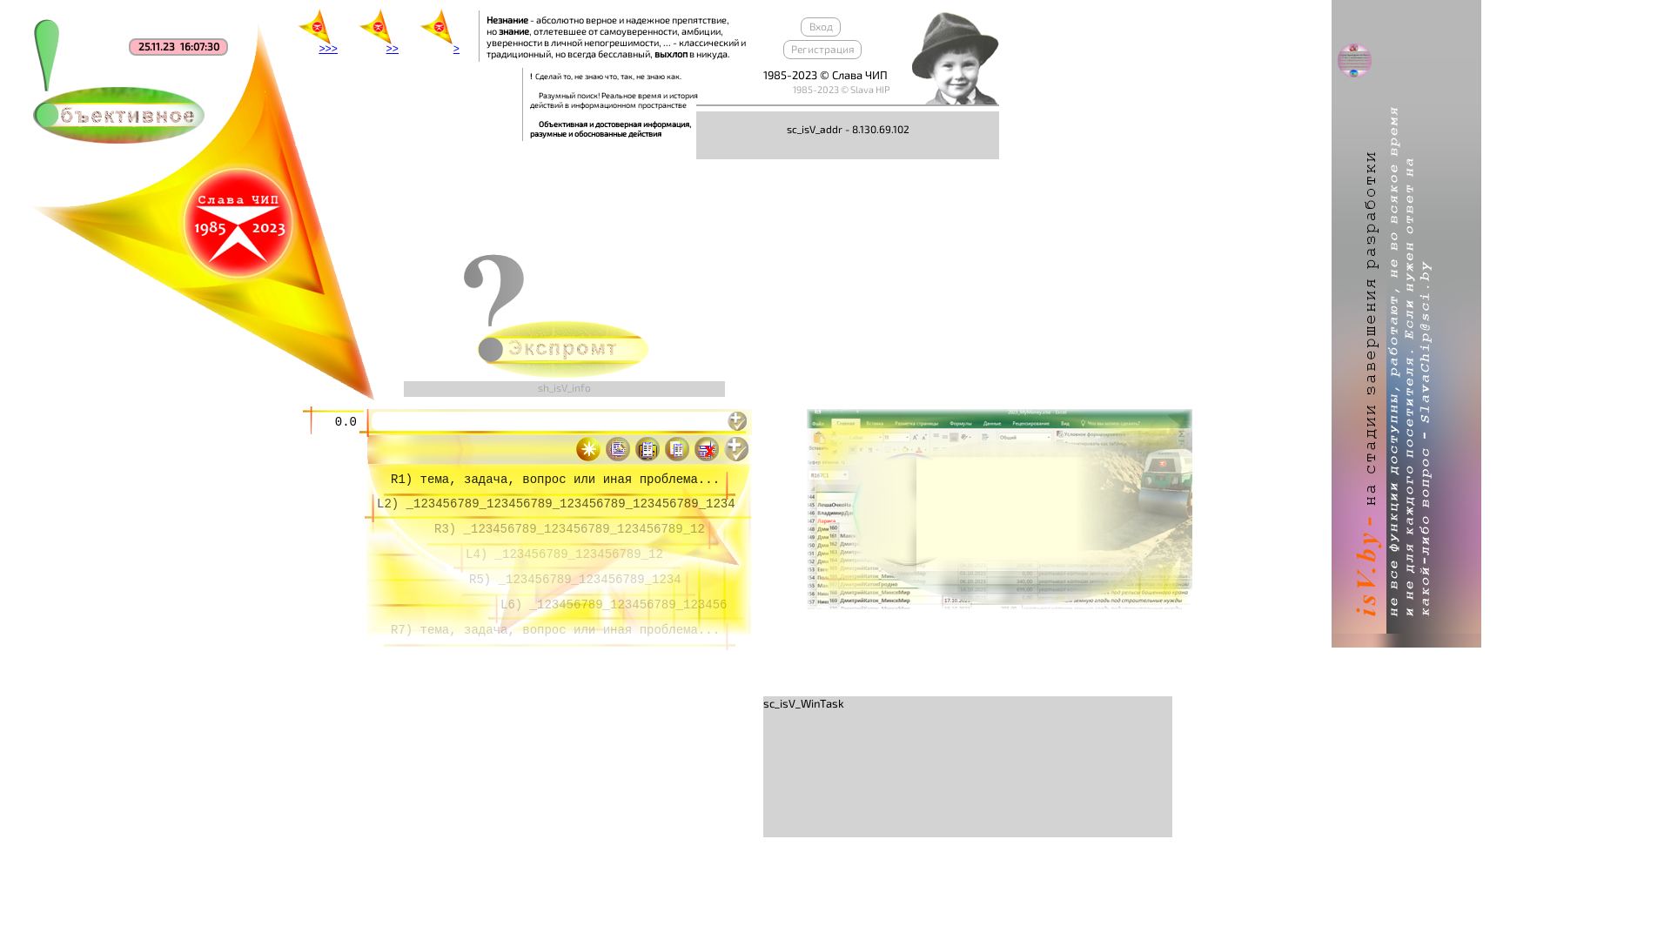 The image size is (1671, 940). Describe the element at coordinates (328, 66) in the screenshot. I see `'>>>'` at that location.